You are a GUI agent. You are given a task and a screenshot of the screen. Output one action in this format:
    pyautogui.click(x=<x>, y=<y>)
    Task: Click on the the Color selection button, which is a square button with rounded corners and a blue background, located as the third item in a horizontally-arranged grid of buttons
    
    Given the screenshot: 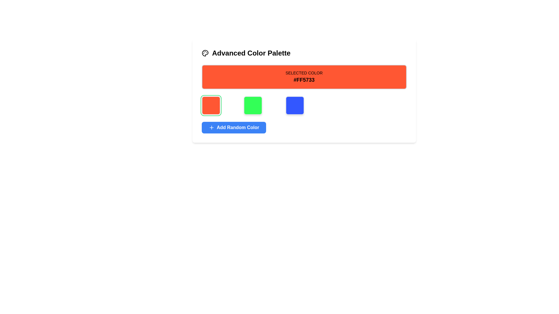 What is the action you would take?
    pyautogui.click(x=295, y=105)
    